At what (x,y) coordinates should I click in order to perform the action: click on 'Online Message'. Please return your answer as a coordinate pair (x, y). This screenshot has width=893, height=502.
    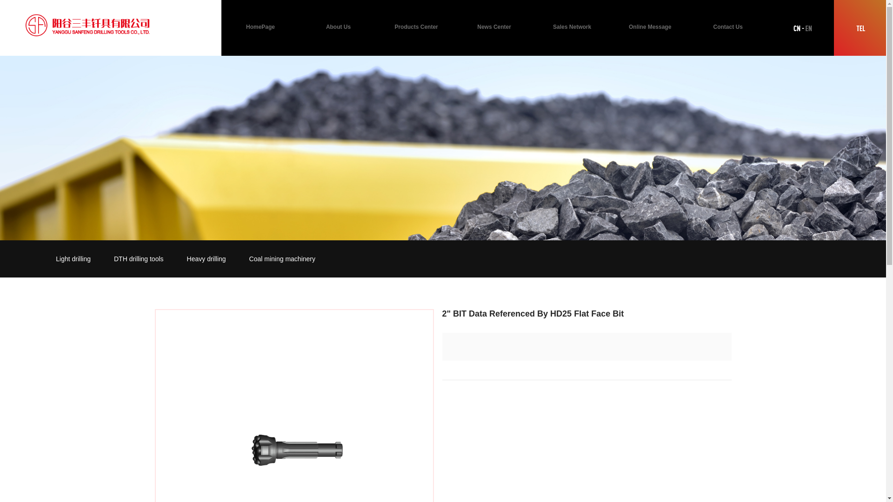
    Looking at the image, I should click on (649, 26).